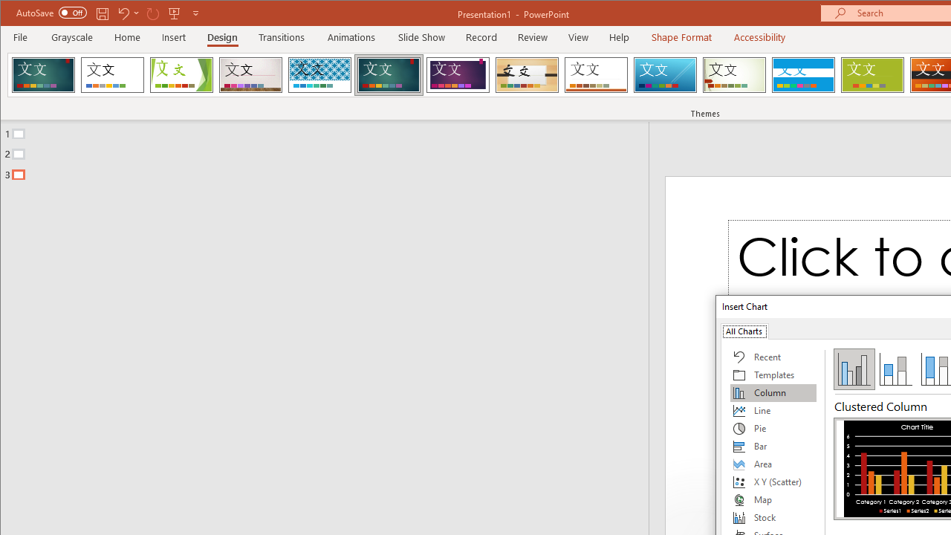 The image size is (951, 535). Describe the element at coordinates (527, 74) in the screenshot. I see `'Organic'` at that location.